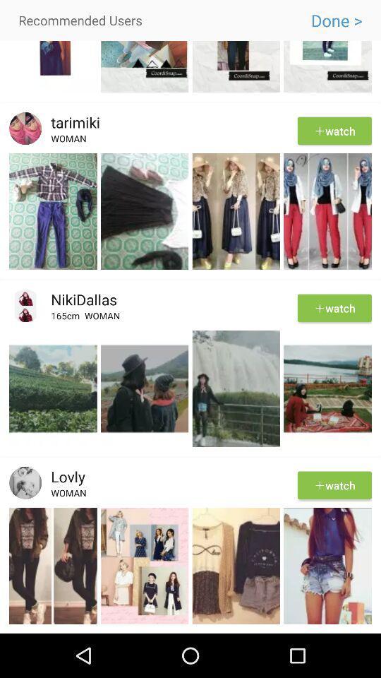 The image size is (381, 678). Describe the element at coordinates (70, 121) in the screenshot. I see `the tarimiki icon` at that location.